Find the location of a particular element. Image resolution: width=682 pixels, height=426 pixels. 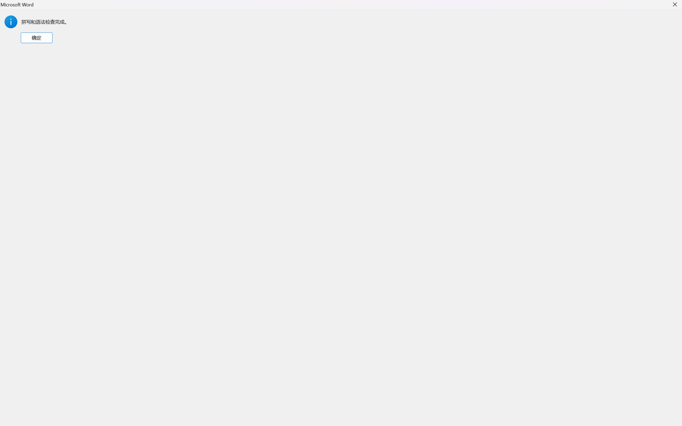

'Class: Static' is located at coordinates (10, 22).